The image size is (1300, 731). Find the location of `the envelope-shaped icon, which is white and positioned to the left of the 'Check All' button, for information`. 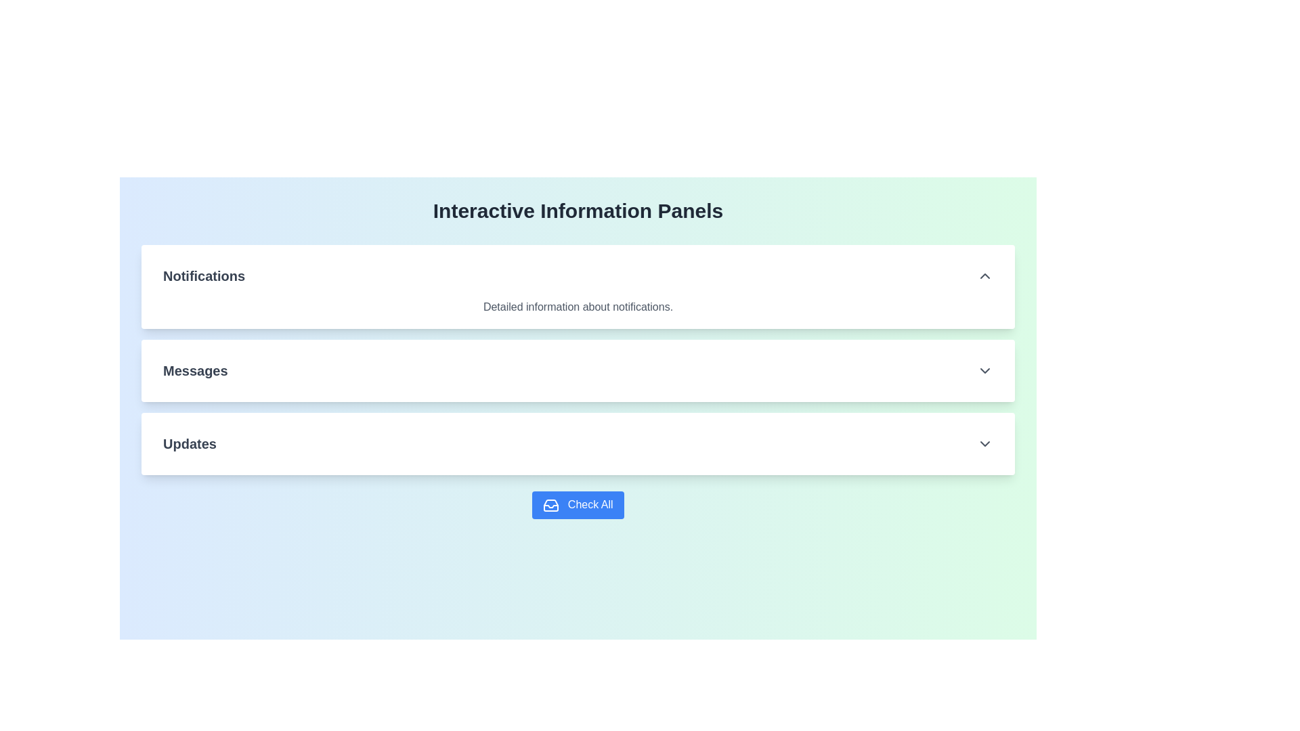

the envelope-shaped icon, which is white and positioned to the left of the 'Check All' button, for information is located at coordinates (551, 505).